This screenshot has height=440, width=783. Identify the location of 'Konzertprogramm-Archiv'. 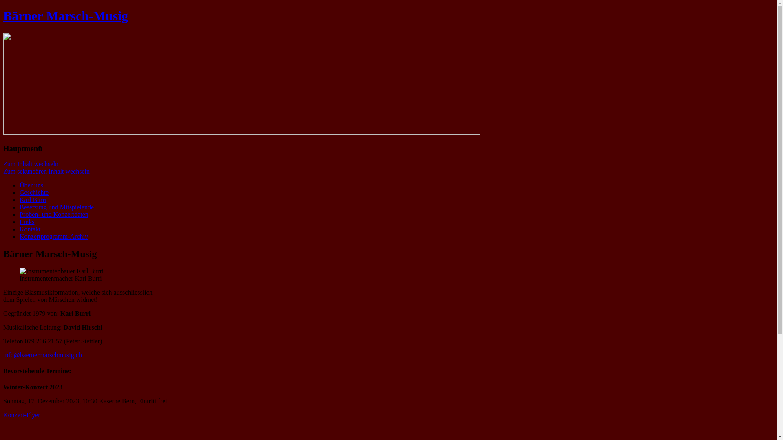
(20, 236).